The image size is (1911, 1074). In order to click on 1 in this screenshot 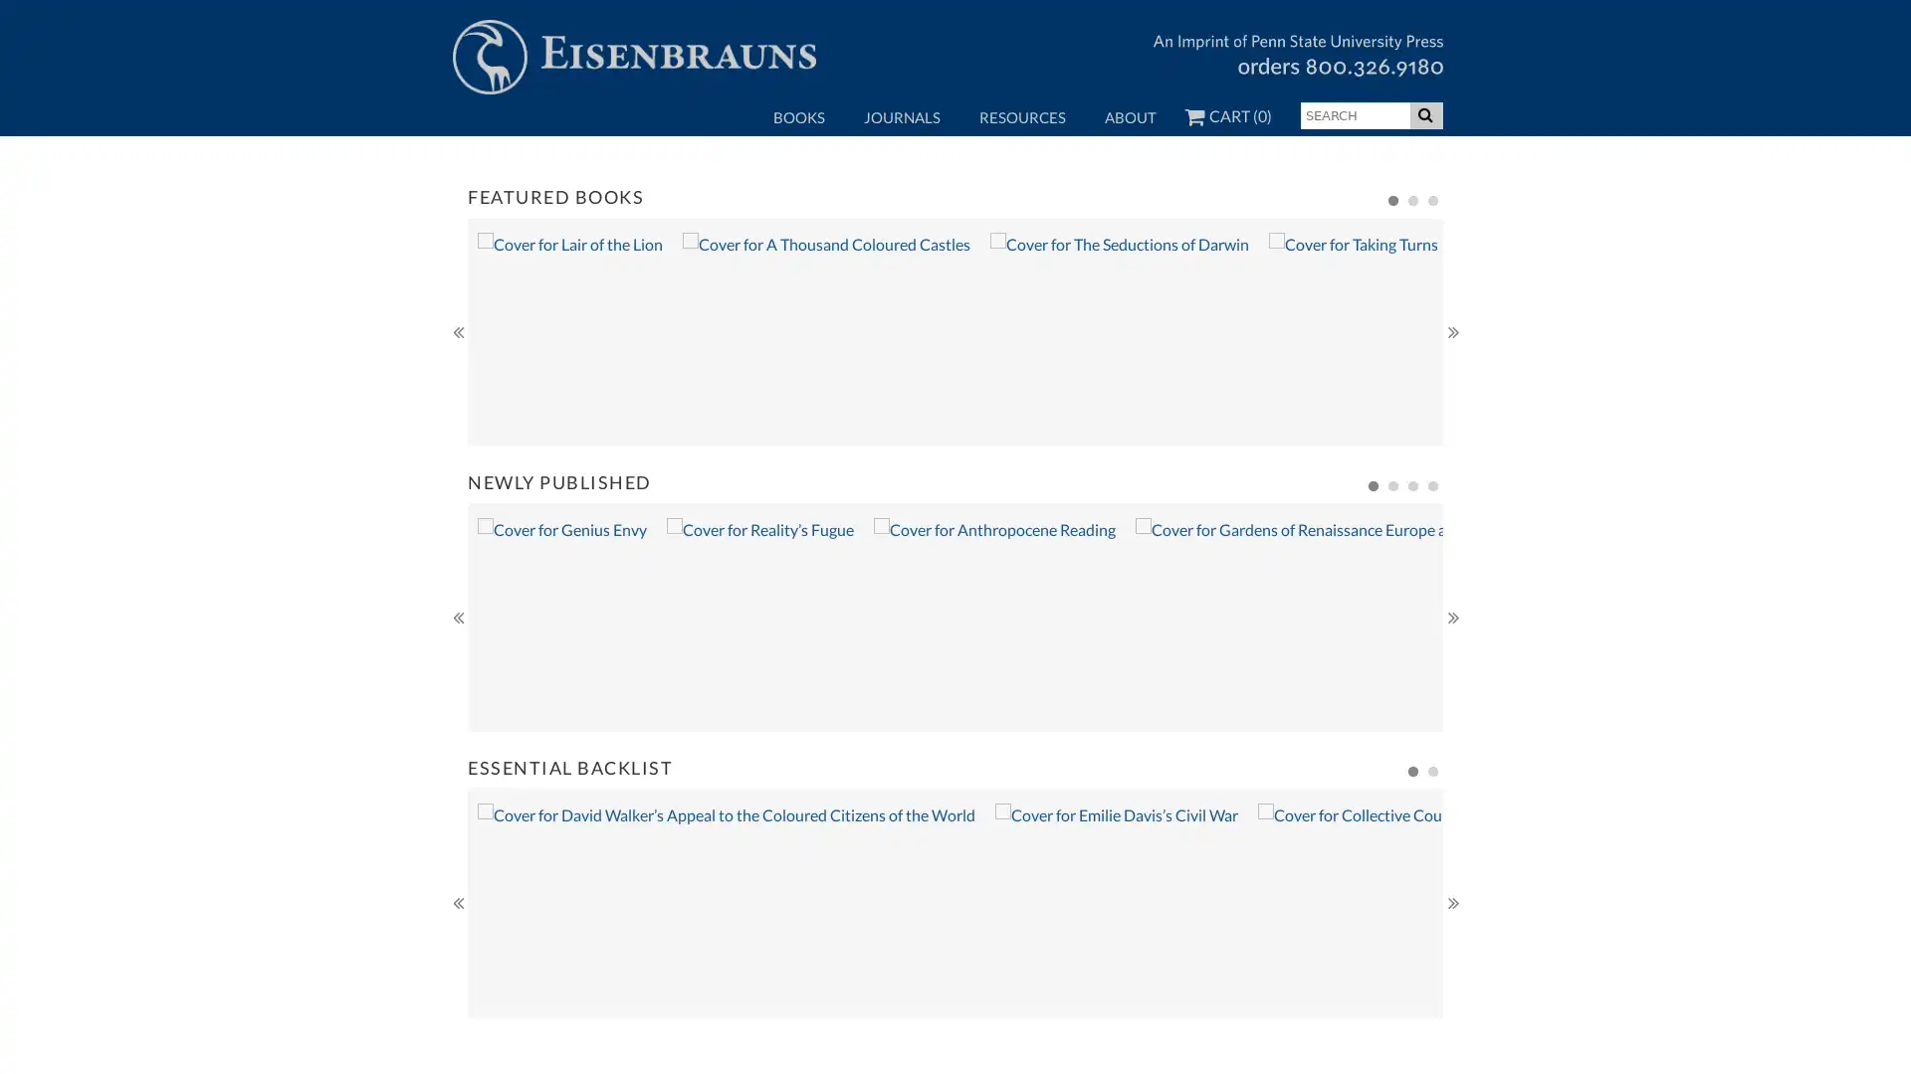, I will do `click(1412, 771)`.